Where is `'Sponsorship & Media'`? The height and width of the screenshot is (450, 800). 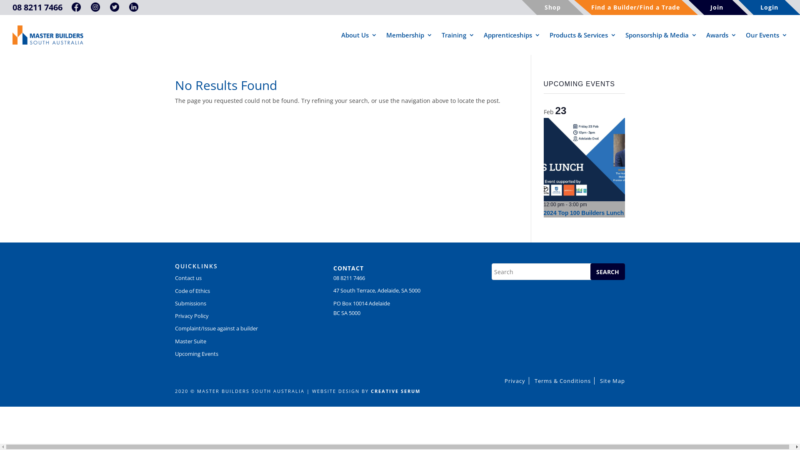 'Sponsorship & Media' is located at coordinates (661, 35).